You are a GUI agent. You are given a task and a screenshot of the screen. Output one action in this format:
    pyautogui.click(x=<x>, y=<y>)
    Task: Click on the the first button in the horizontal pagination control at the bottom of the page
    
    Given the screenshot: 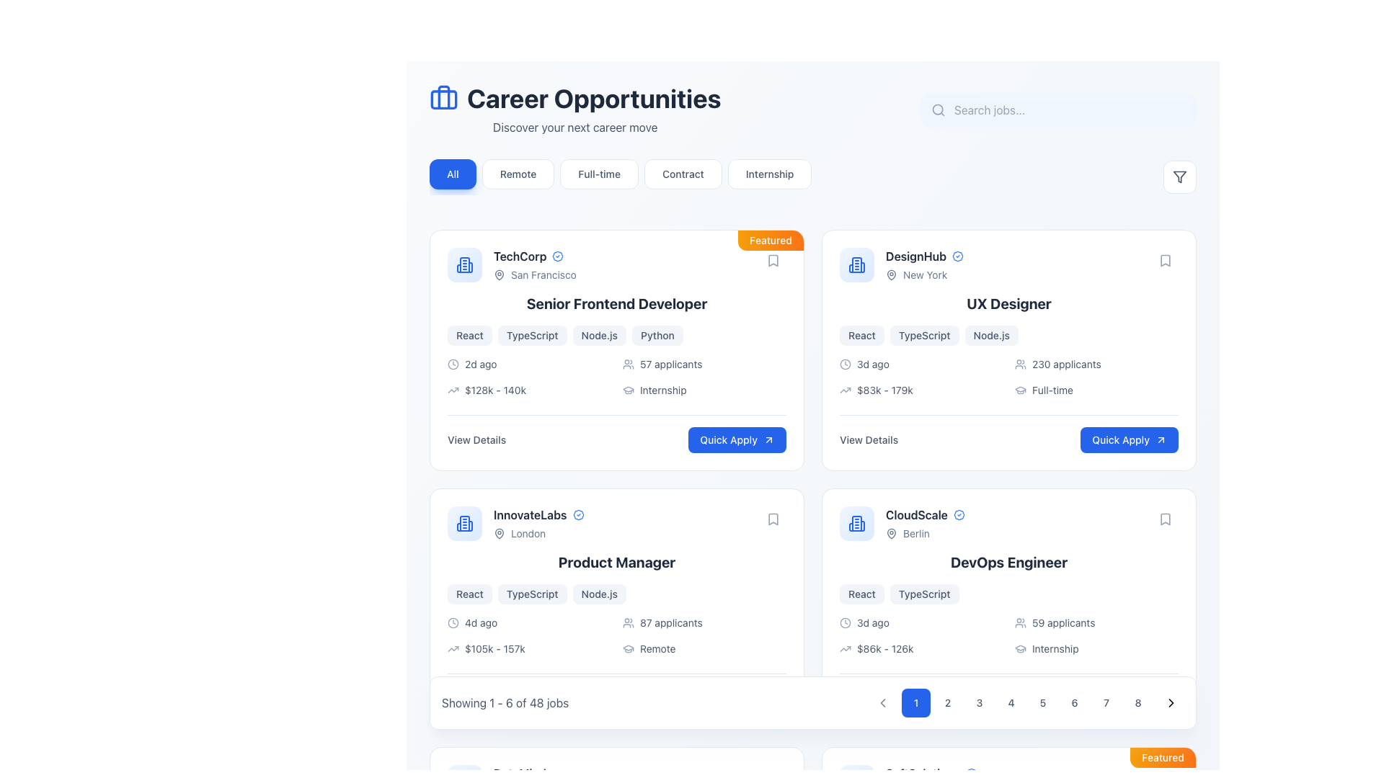 What is the action you would take?
    pyautogui.click(x=915, y=702)
    